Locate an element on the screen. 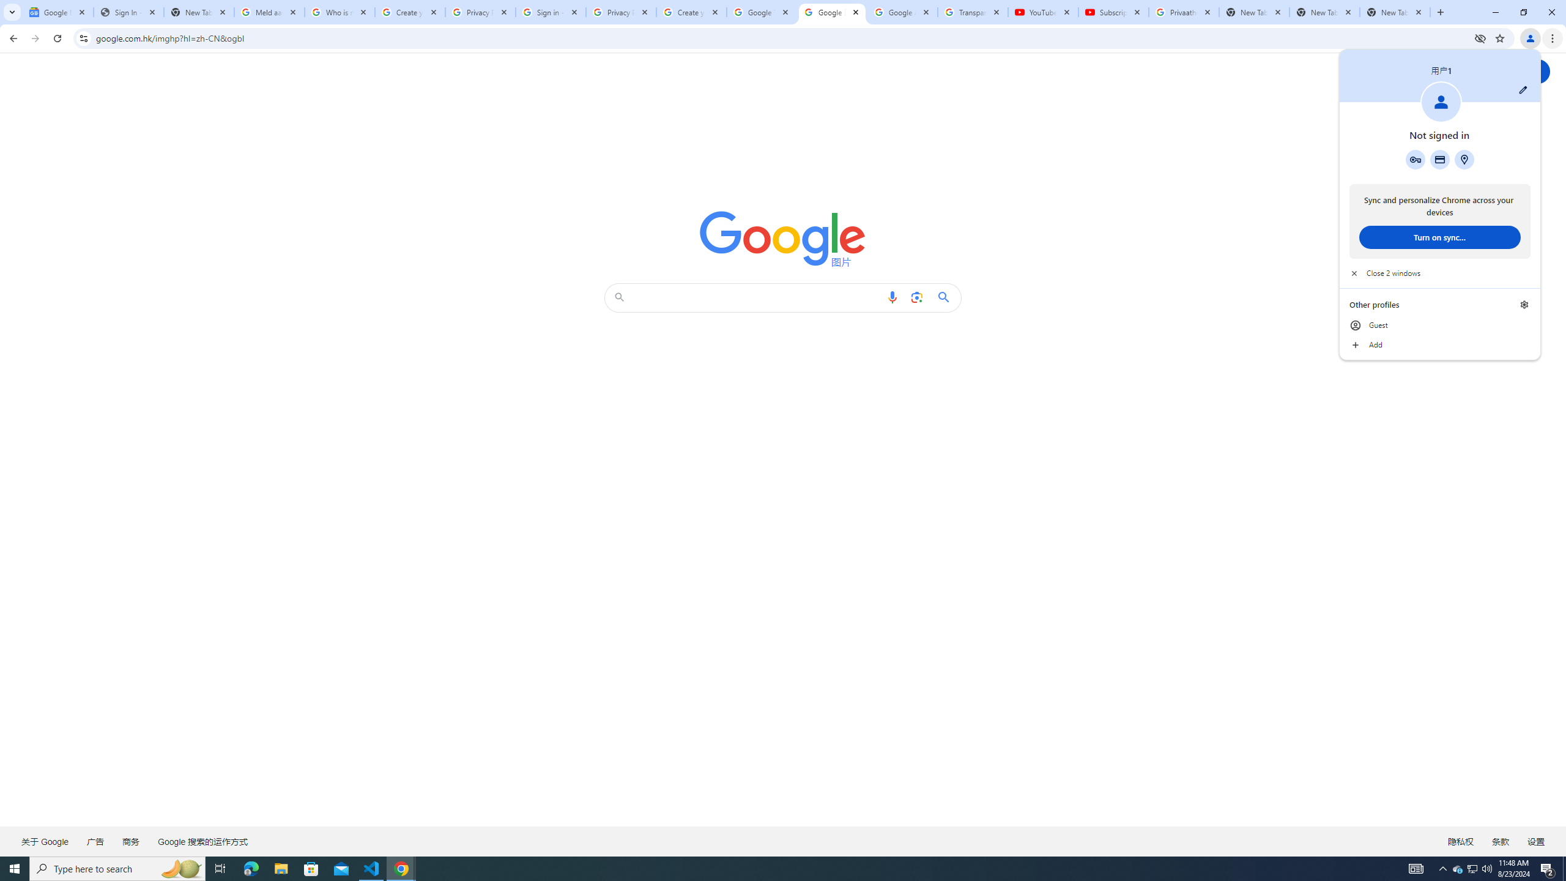  'Payment methods' is located at coordinates (1439, 159).